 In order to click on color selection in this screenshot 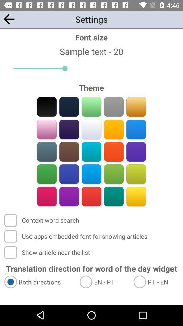, I will do `click(114, 129)`.